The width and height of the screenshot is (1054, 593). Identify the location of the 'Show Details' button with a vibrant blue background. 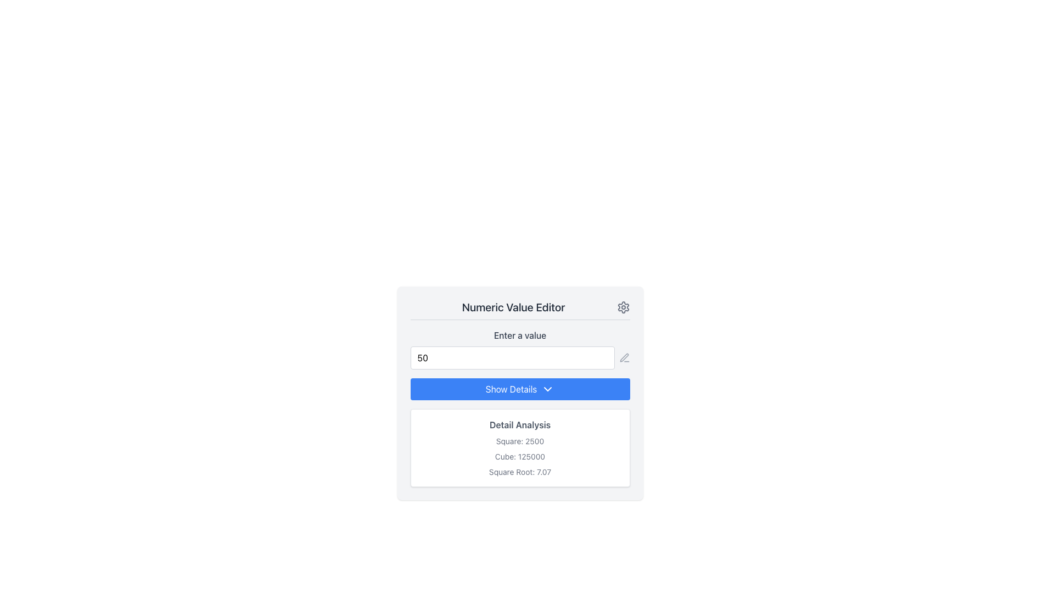
(519, 393).